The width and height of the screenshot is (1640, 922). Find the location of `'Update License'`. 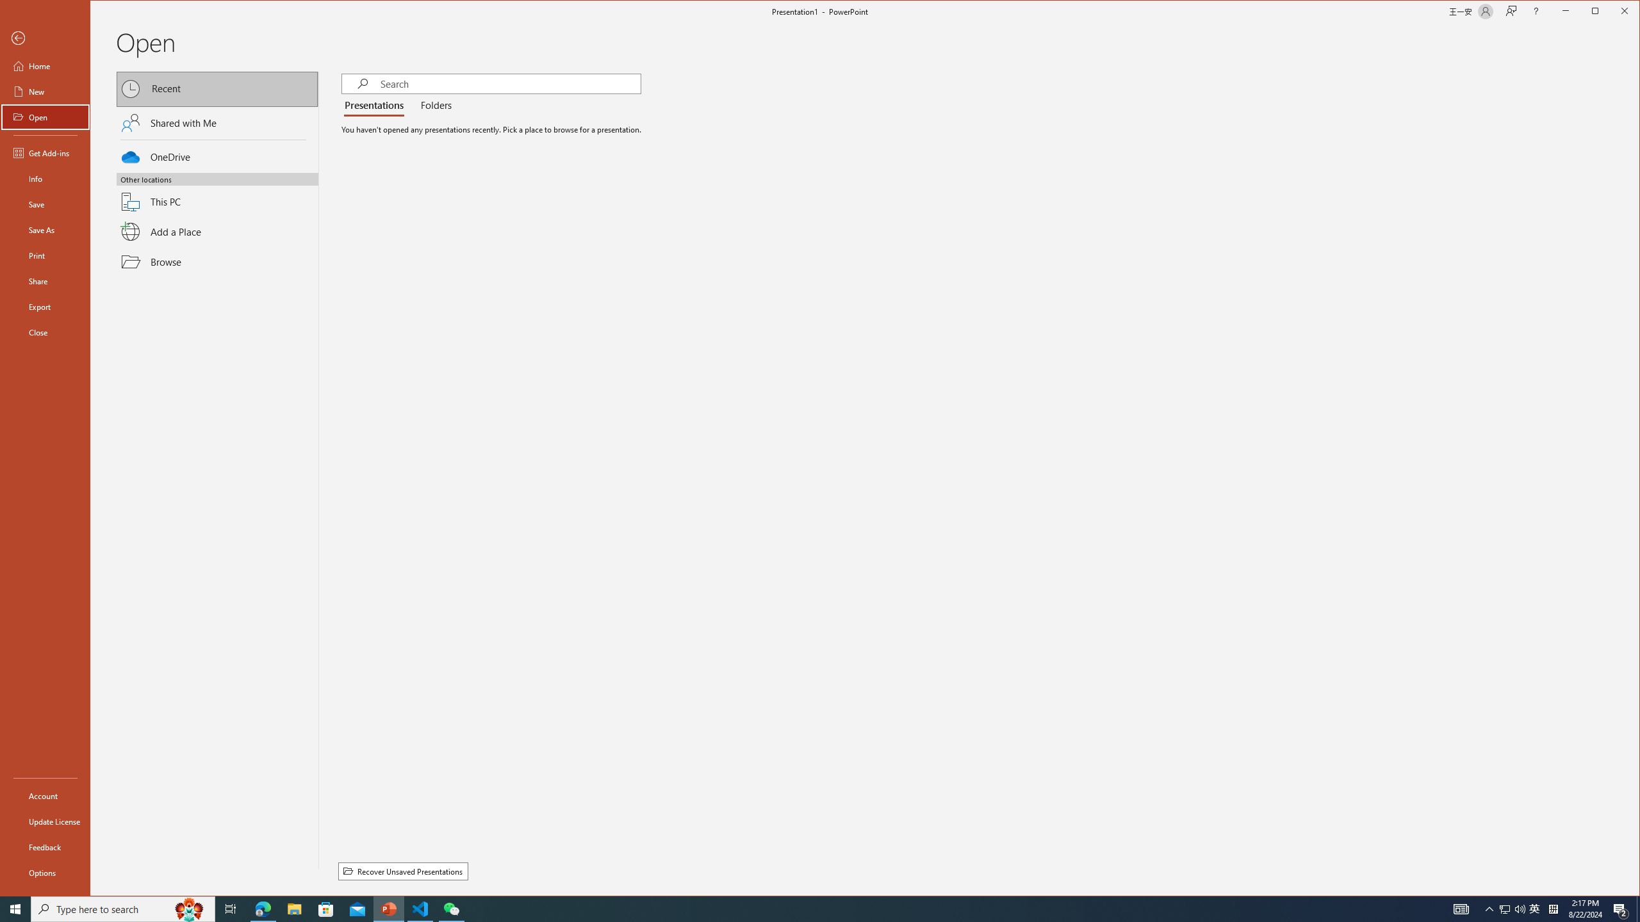

'Update License' is located at coordinates (44, 821).